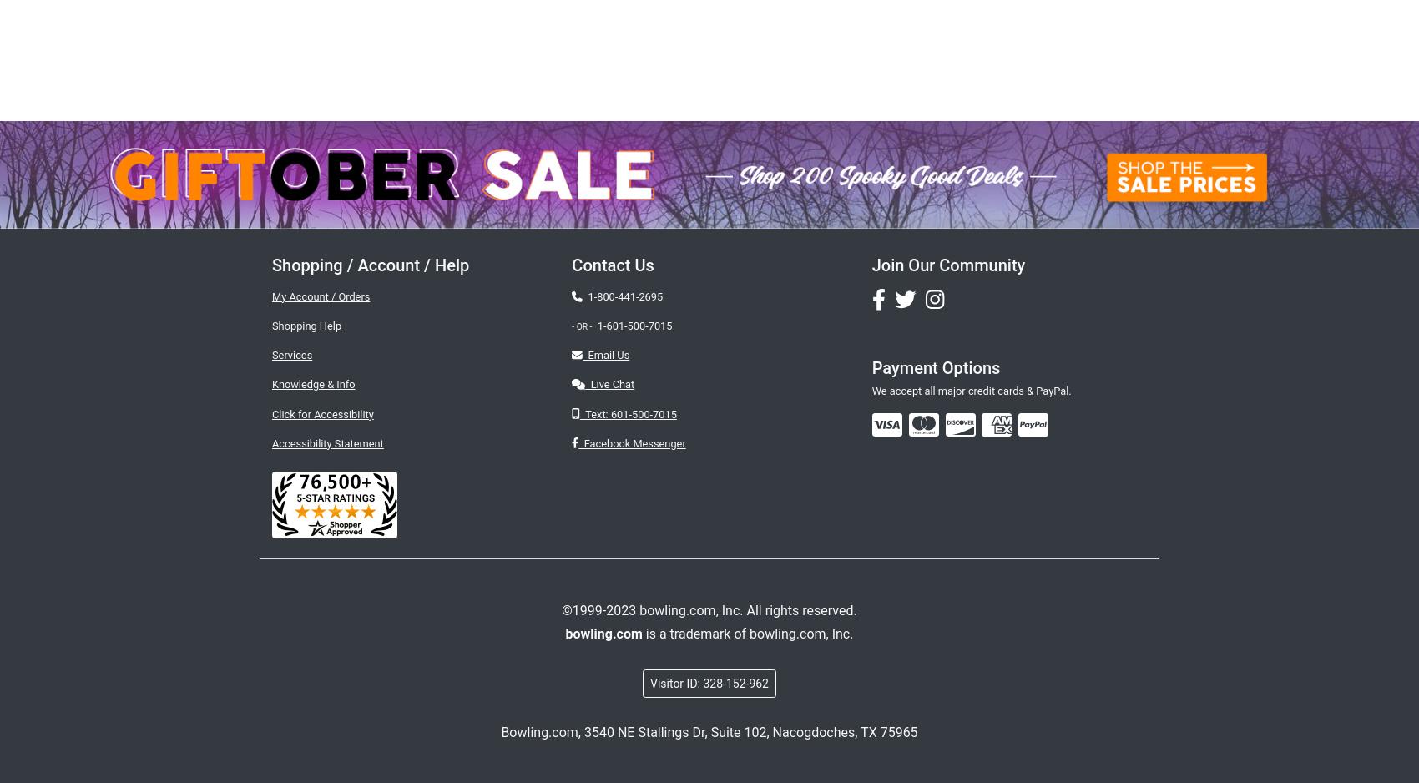 Image resolution: width=1419 pixels, height=783 pixels. I want to click on 'My Account / Orders', so click(320, 296).